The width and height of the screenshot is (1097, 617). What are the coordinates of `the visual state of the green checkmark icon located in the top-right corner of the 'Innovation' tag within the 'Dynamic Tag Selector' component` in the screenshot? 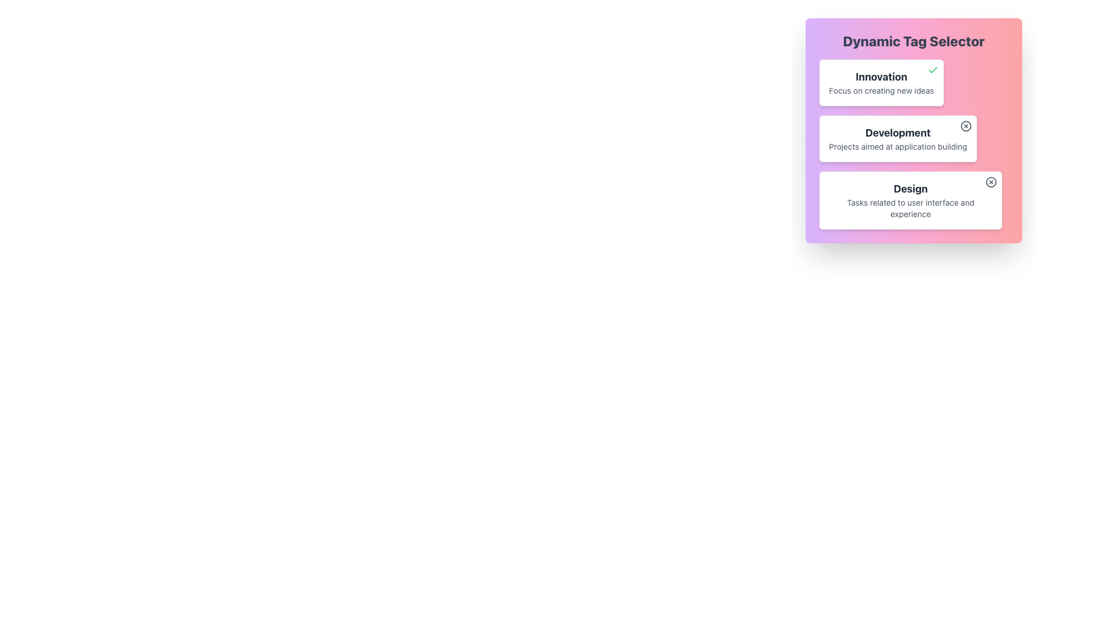 It's located at (932, 70).